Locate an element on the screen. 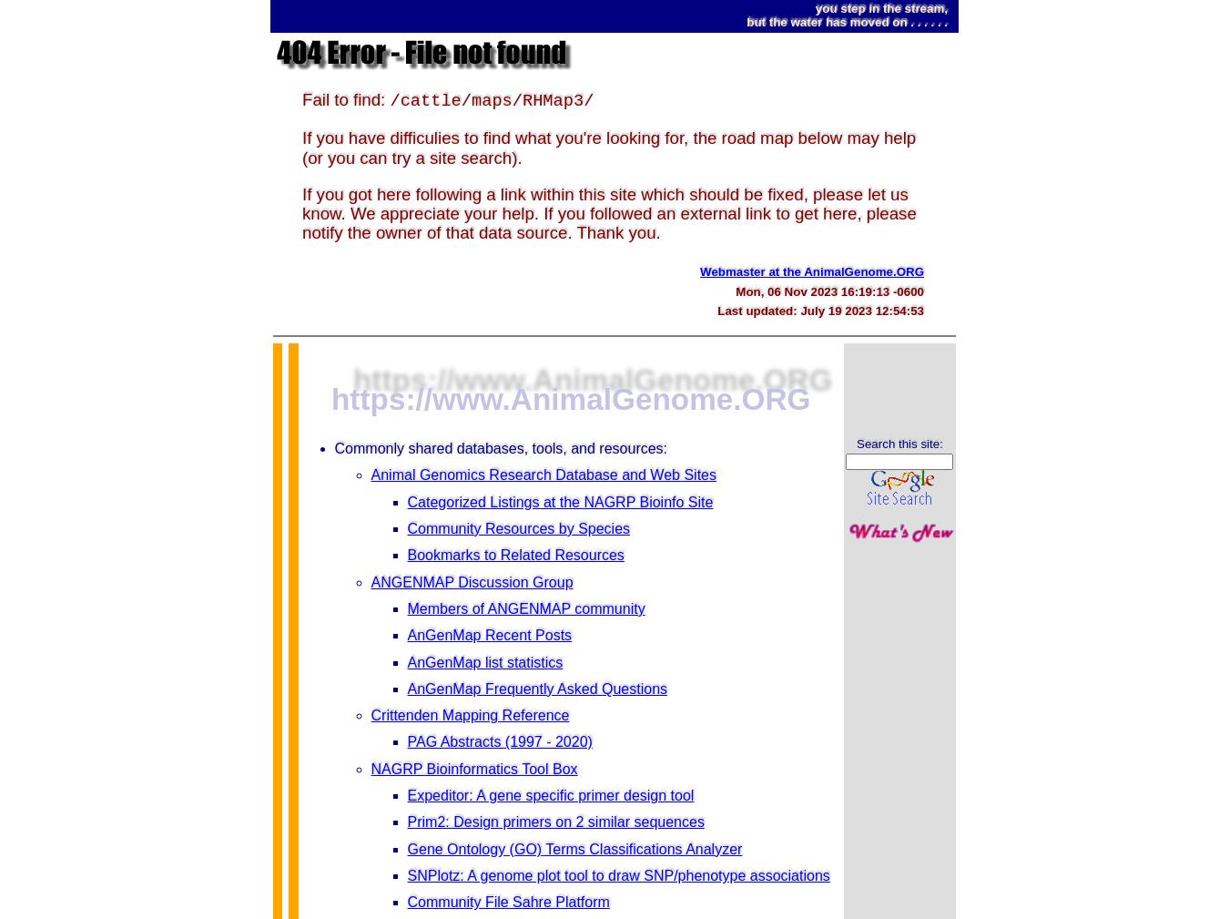 Image resolution: width=1229 pixels, height=919 pixels. 'https://www.AnimalGenome.ORG' is located at coordinates (570, 398).